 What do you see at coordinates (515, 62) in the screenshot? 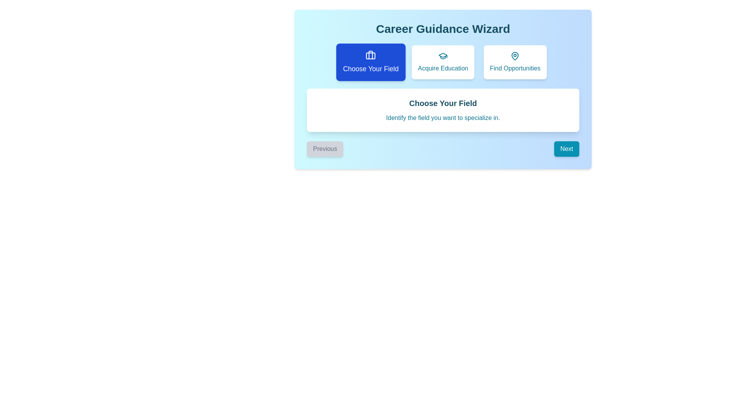
I see `the third button in a group of three, labeled as a navigational or interactive placeholder for exploring related opportunities, located centrally at the top of the interface` at bounding box center [515, 62].